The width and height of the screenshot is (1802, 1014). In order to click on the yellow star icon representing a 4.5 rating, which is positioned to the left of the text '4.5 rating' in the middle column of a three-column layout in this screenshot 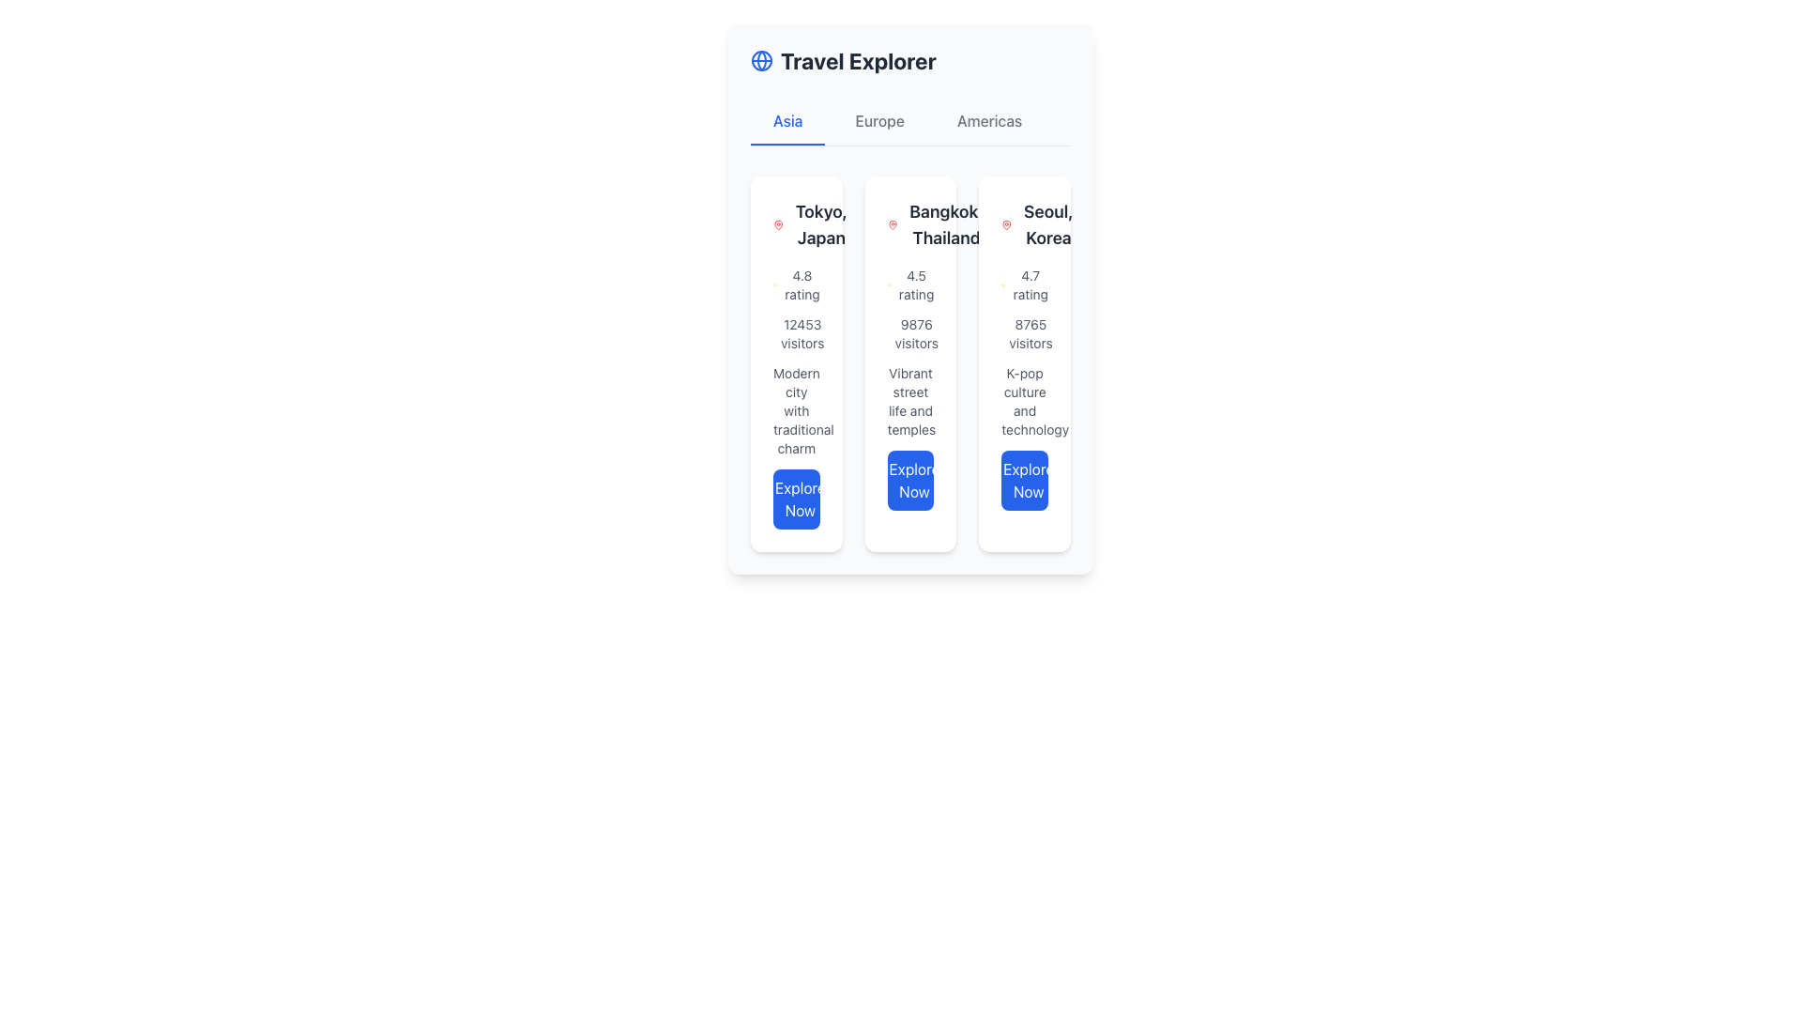, I will do `click(888, 285)`.